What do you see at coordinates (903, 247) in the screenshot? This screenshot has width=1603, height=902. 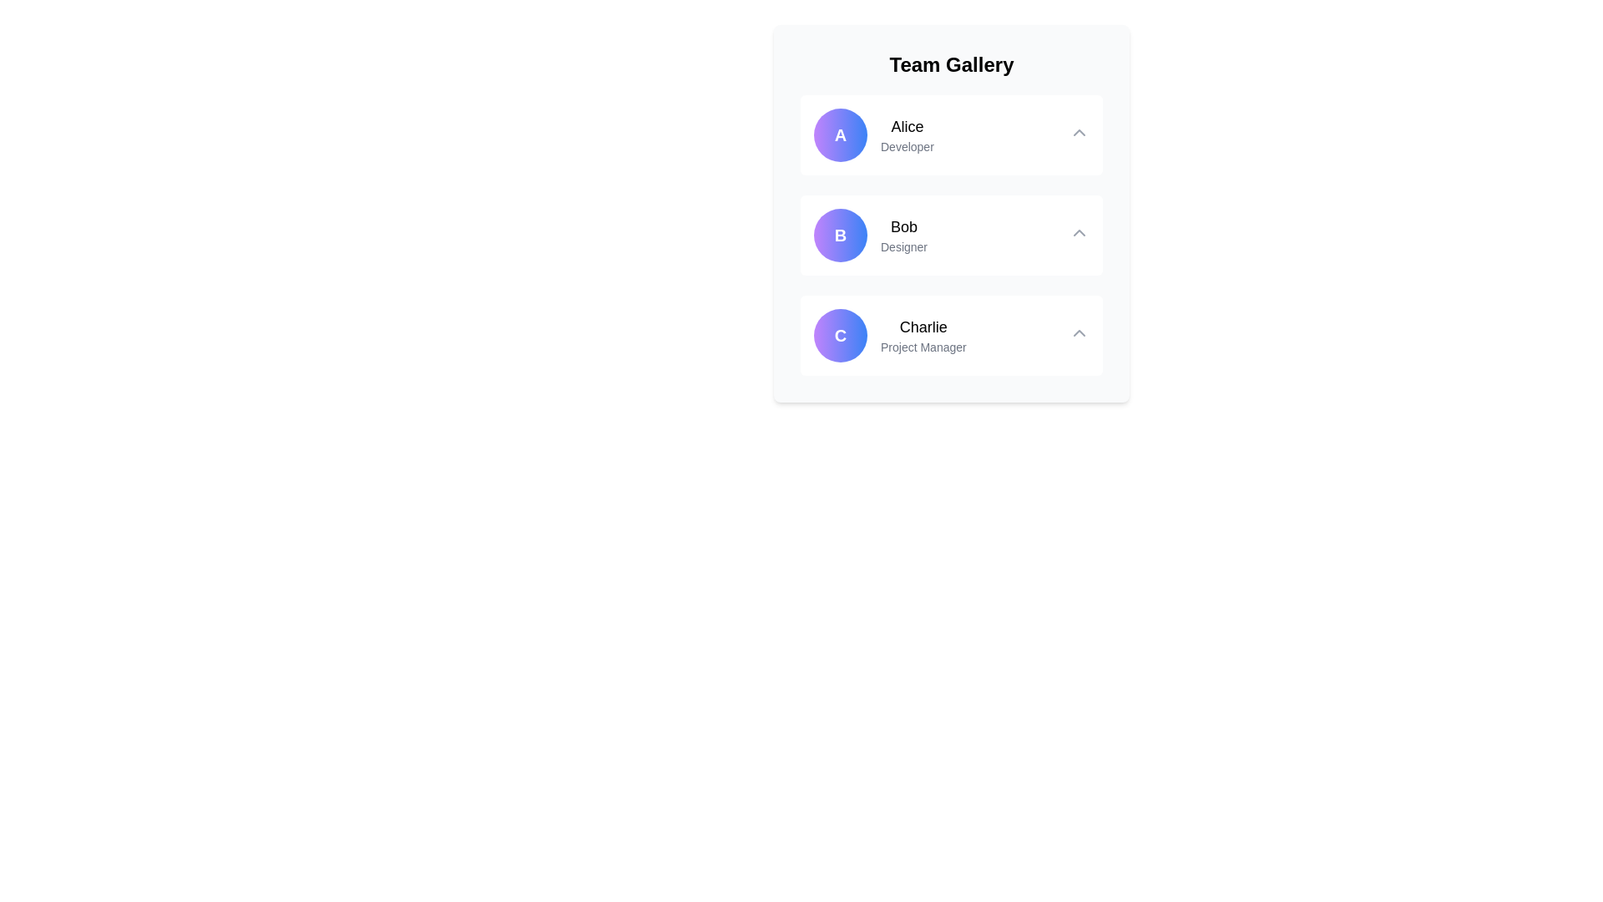 I see `the text label displaying 'Designer' in gray color, located below the 'Bob' title within the second card of the 'Team Gallery' section` at bounding box center [903, 247].